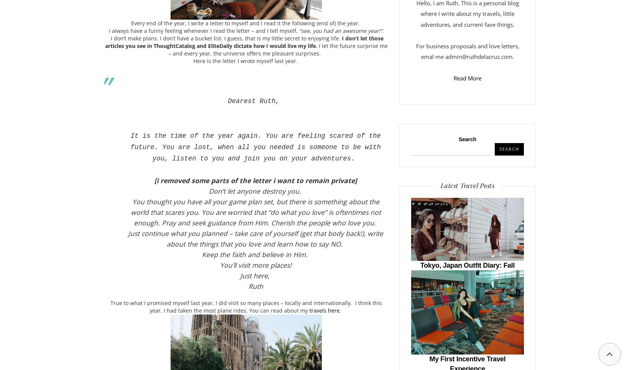  Describe the element at coordinates (278, 49) in the screenshot. I see `'I let the future surprise me – and every year, the universe offers me pleasant surprises.'` at that location.